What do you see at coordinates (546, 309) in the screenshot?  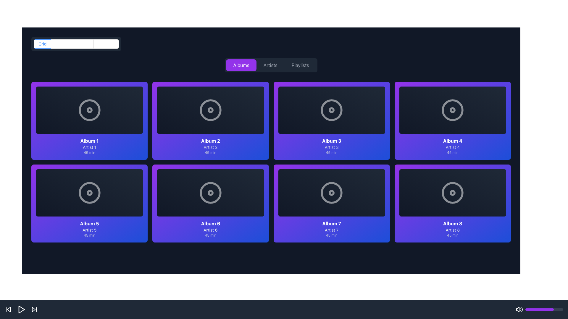 I see `the slider value` at bounding box center [546, 309].